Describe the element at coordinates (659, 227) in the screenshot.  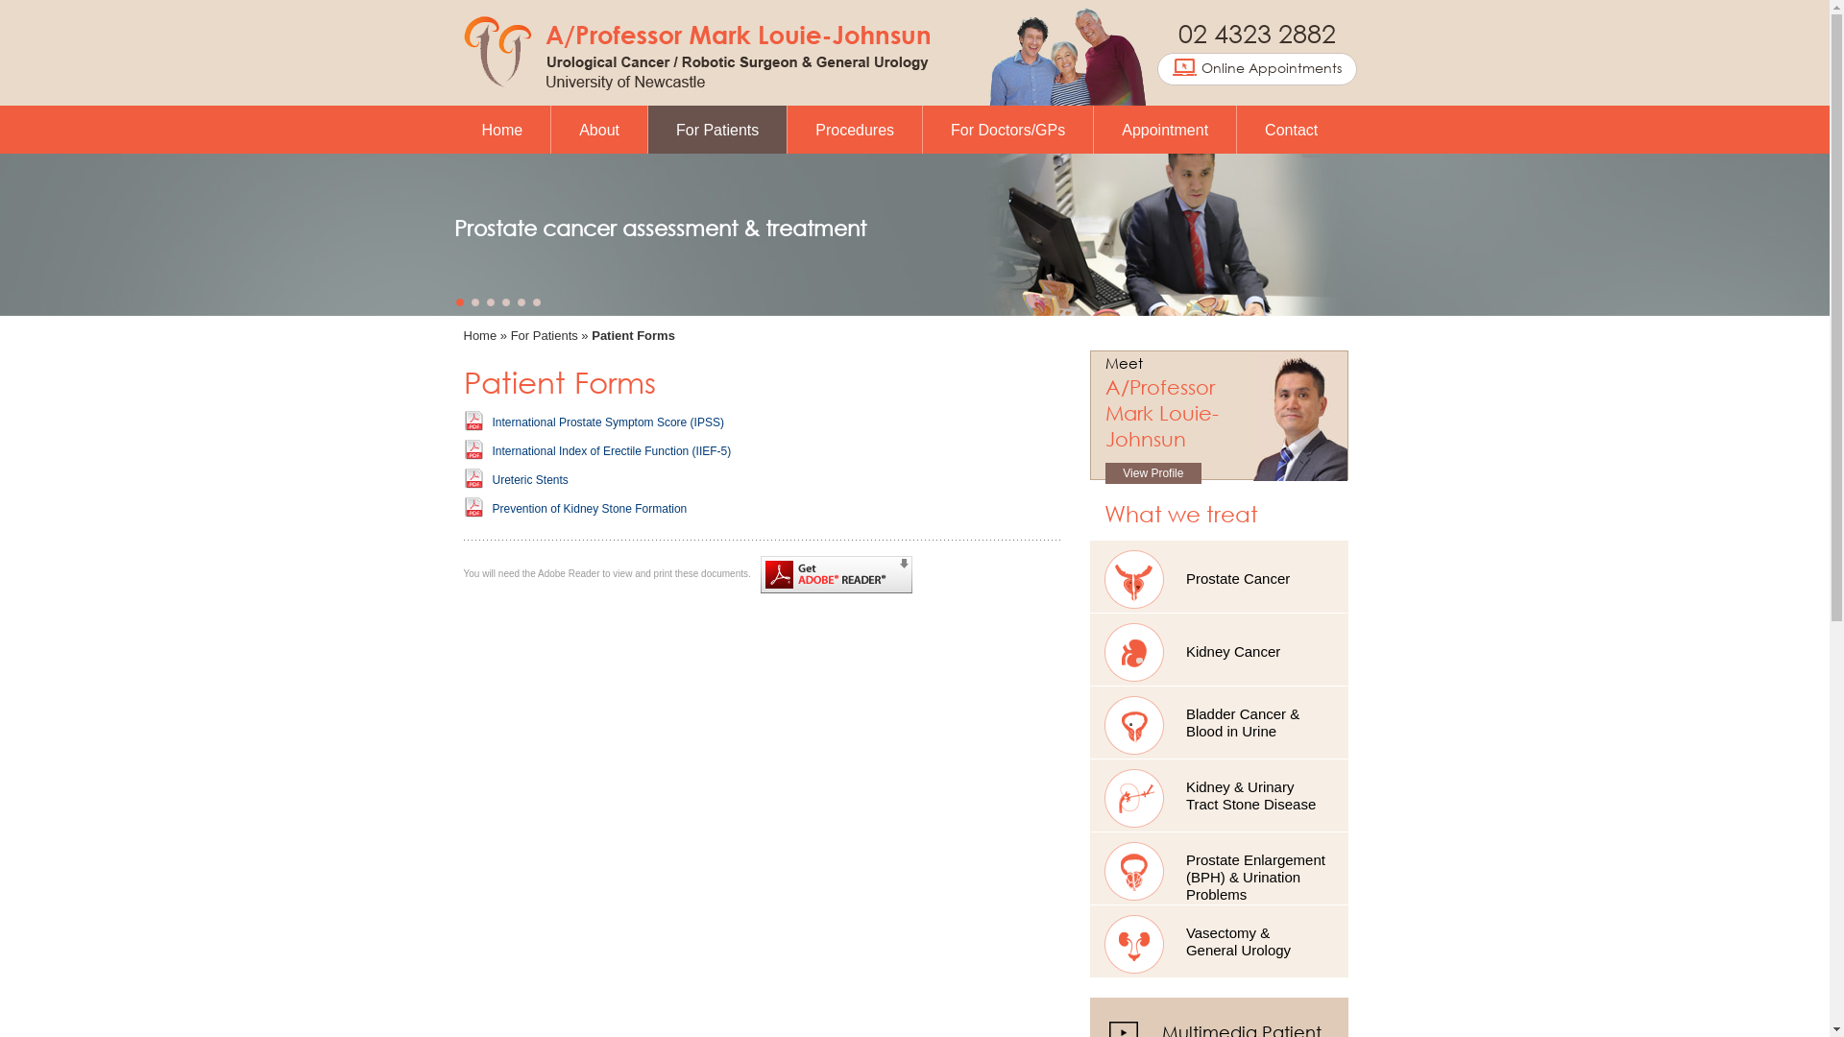
I see `'Prostate cancer assessment & treatment'` at that location.